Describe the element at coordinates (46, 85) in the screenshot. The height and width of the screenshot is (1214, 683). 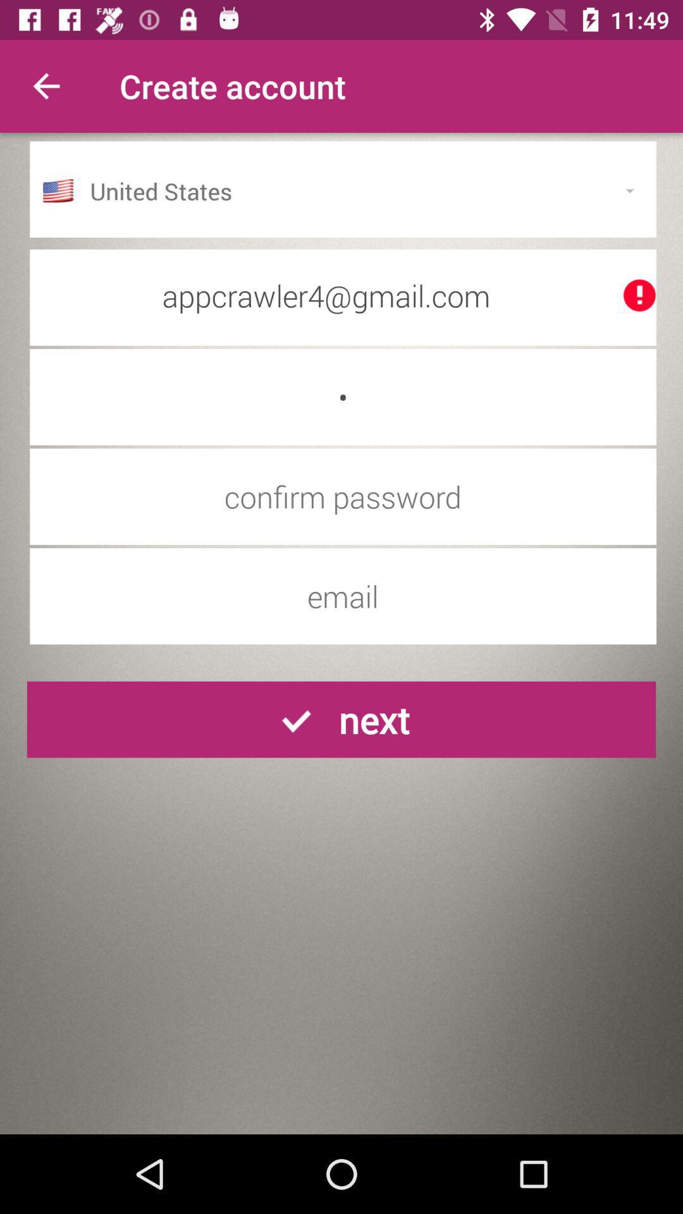
I see `item to the left of the create account item` at that location.